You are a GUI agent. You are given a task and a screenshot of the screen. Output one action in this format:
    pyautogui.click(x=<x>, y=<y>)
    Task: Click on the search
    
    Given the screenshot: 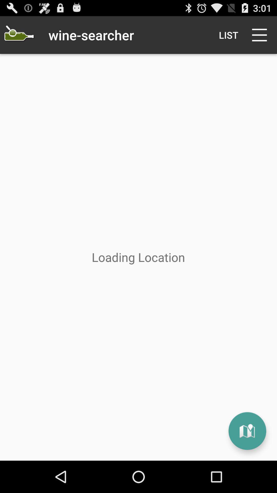 What is the action you would take?
    pyautogui.click(x=18, y=35)
    